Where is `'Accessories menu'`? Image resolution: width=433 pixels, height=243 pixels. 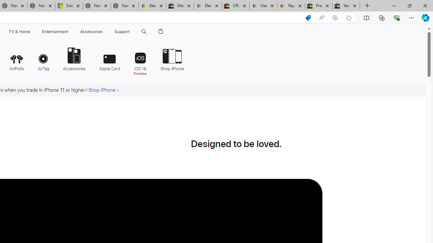
'Accessories menu' is located at coordinates (104, 31).